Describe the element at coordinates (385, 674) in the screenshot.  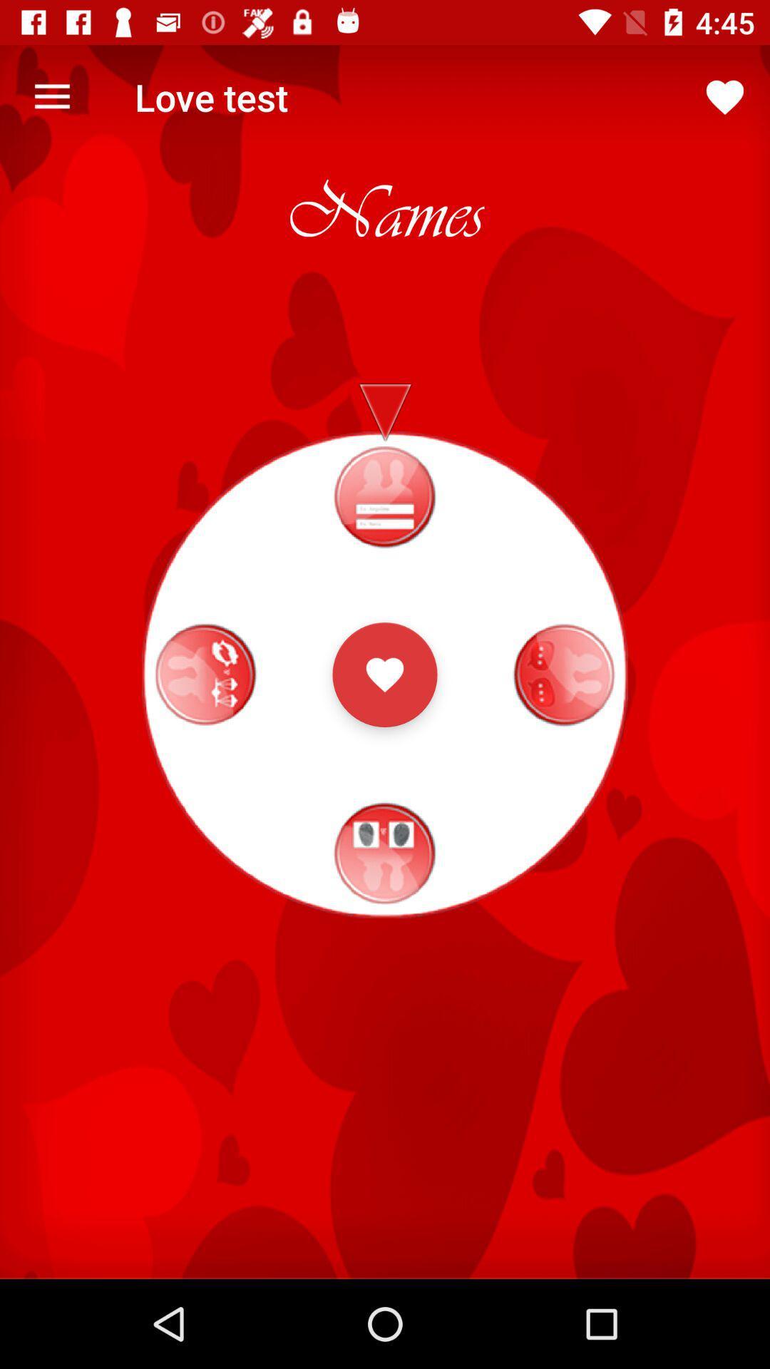
I see `the favorite icon` at that location.